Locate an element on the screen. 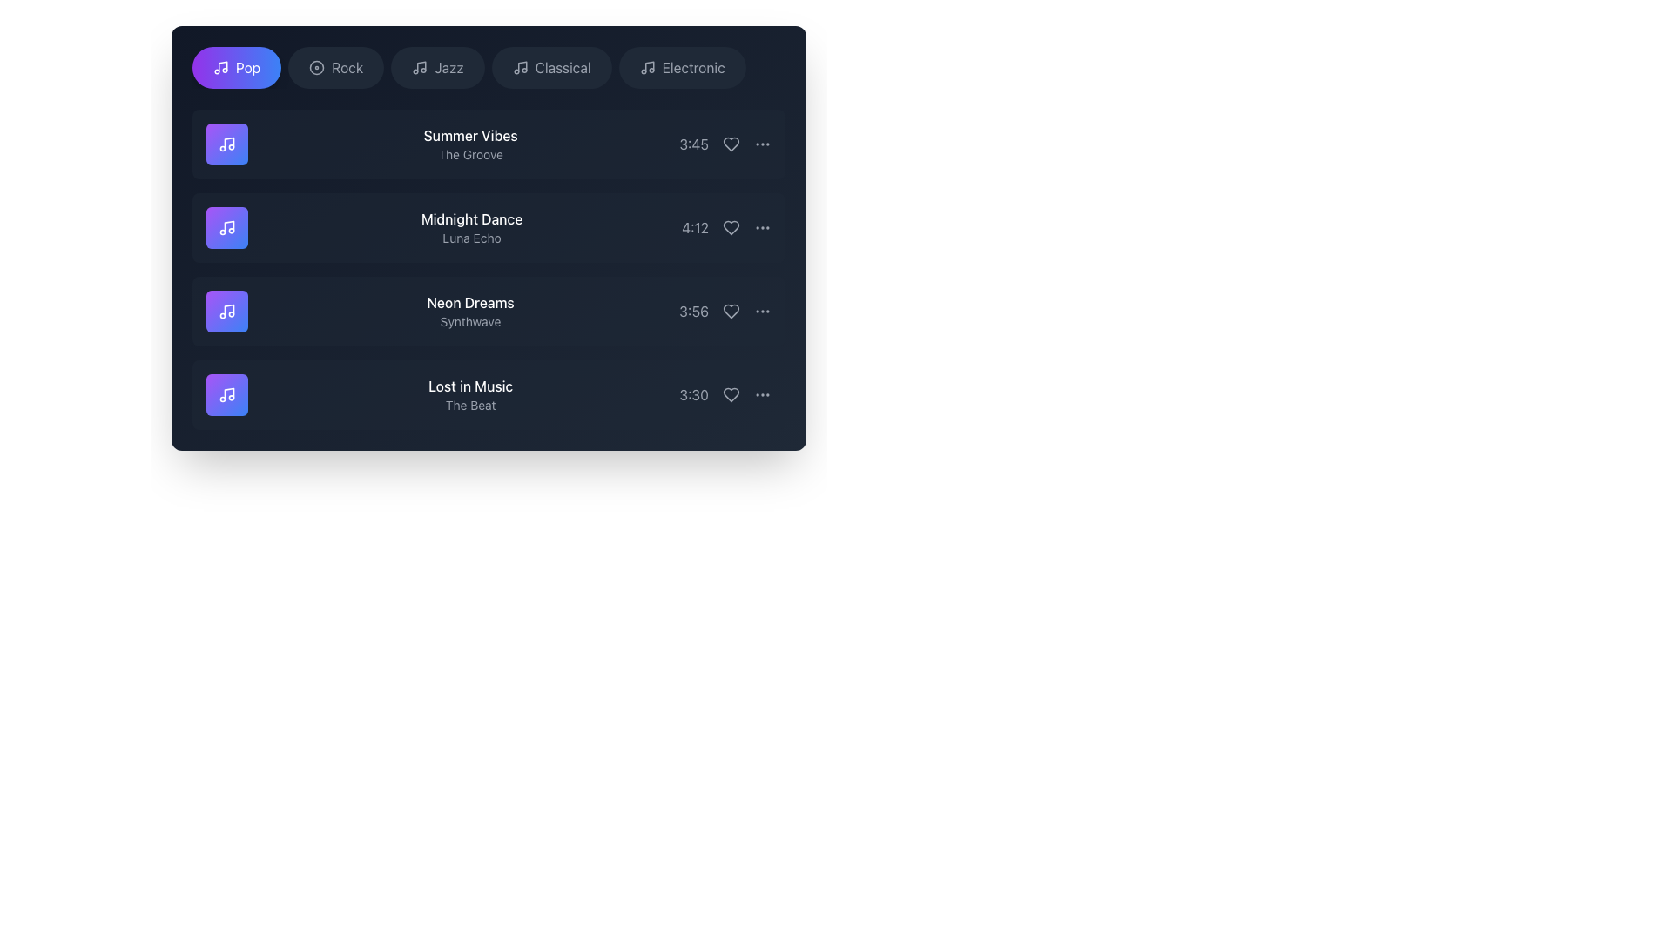  the rounded rectangular button labeled 'Rock' with a circular music icon is located at coordinates (336, 66).